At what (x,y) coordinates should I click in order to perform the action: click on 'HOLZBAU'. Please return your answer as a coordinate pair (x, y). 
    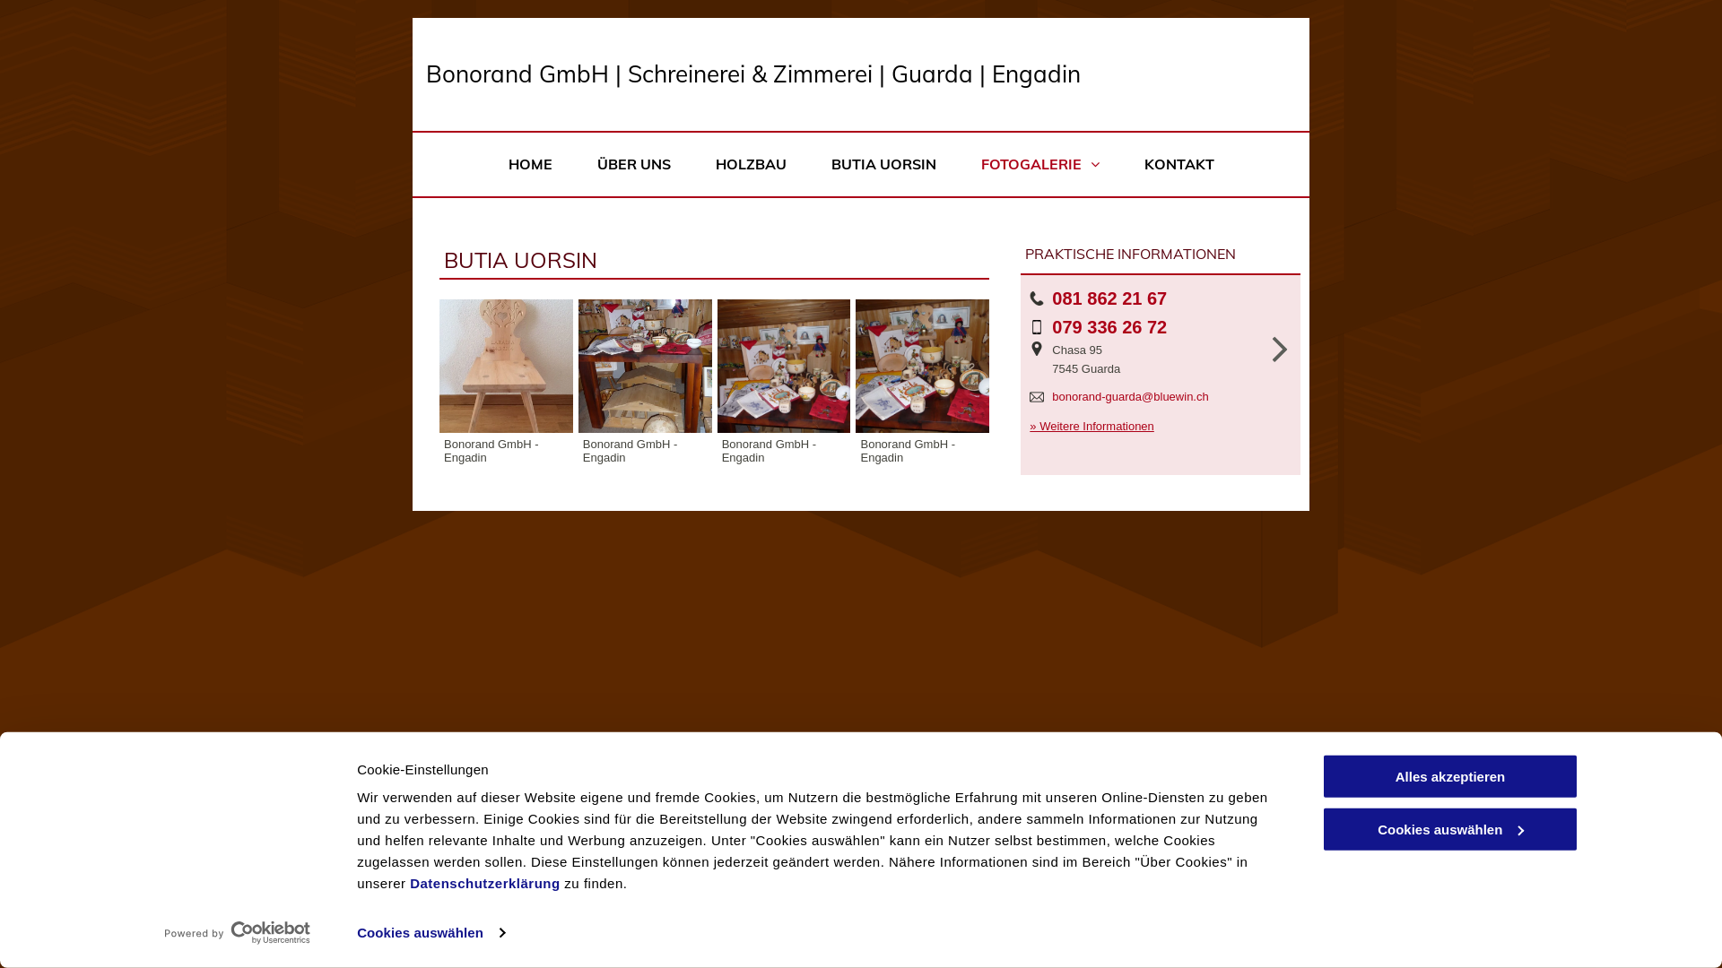
    Looking at the image, I should click on (750, 164).